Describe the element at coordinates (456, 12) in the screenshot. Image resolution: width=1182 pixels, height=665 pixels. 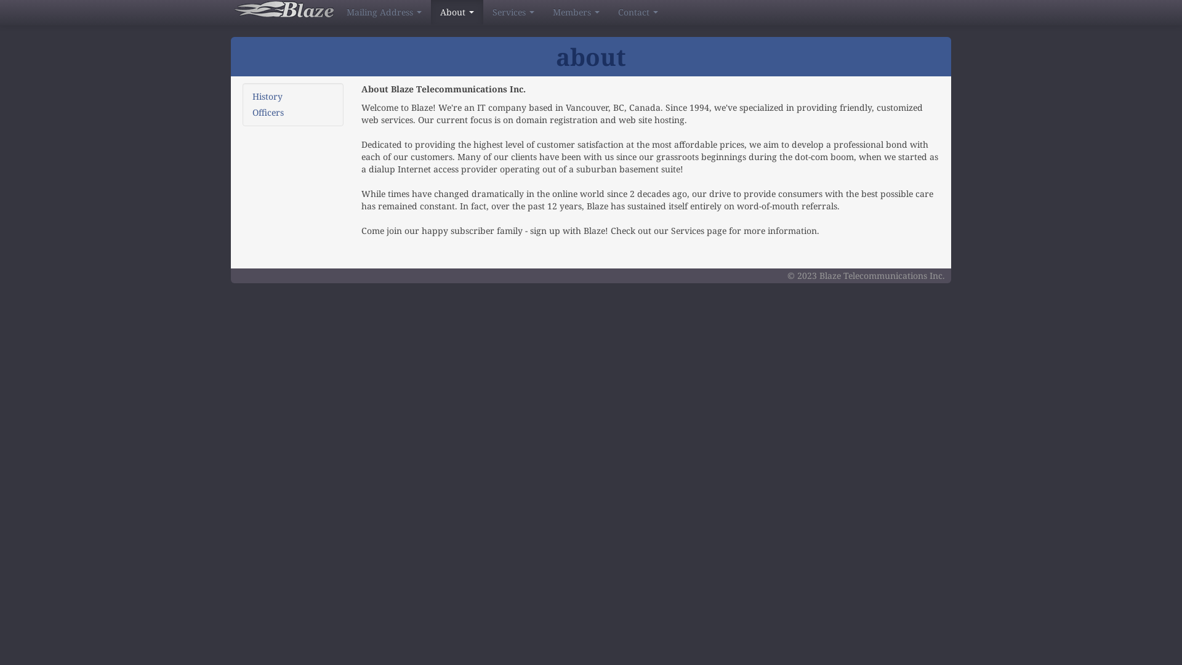
I see `'About'` at that location.